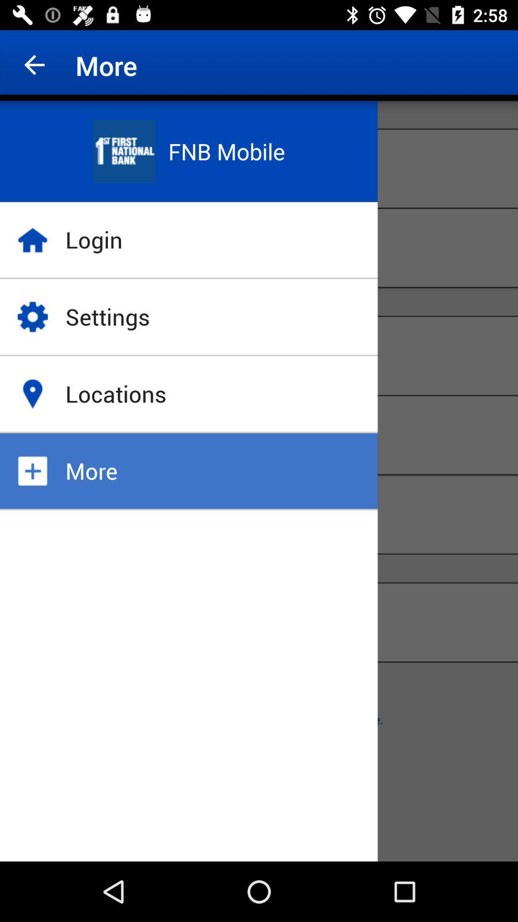 The height and width of the screenshot is (922, 518). What do you see at coordinates (32, 471) in the screenshot?
I see `the symbol left to more` at bounding box center [32, 471].